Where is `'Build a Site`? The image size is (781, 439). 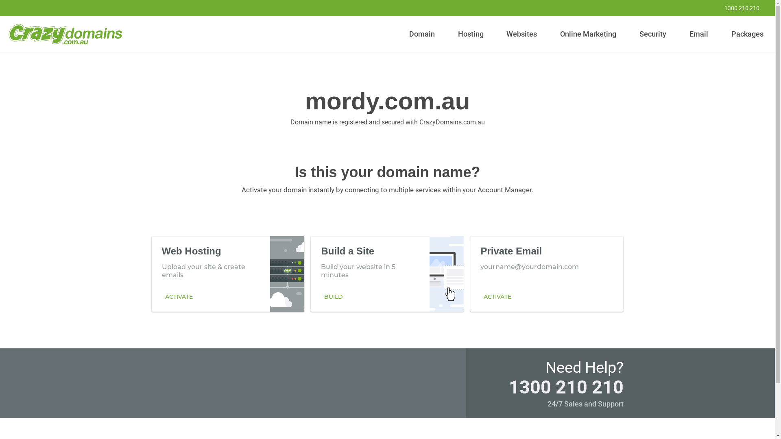
'Build a Site is located at coordinates (386, 273).